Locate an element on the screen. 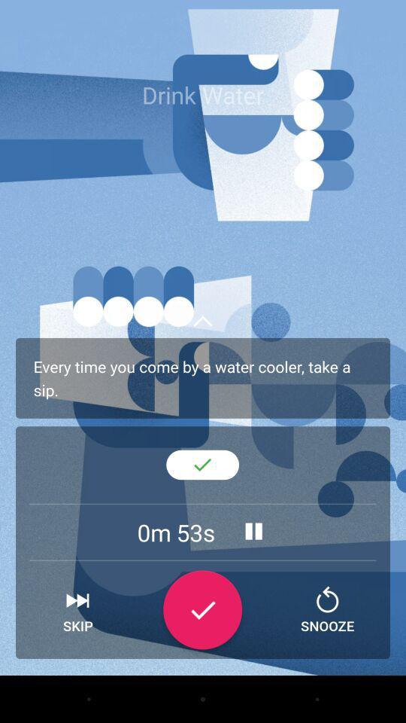 Image resolution: width=406 pixels, height=723 pixels. the right icon is located at coordinates (202, 610).